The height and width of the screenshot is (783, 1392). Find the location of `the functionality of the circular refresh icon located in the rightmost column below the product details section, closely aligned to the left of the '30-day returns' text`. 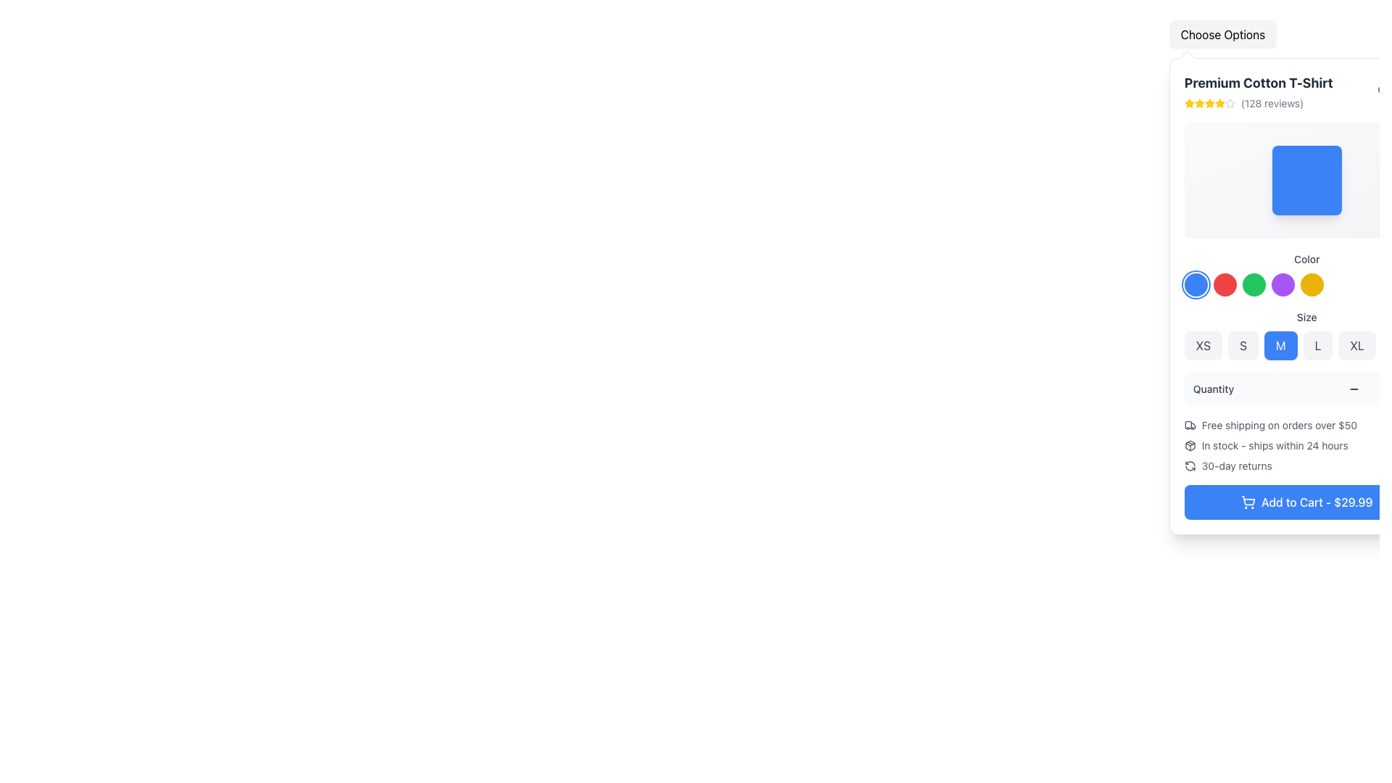

the functionality of the circular refresh icon located in the rightmost column below the product details section, closely aligned to the left of the '30-day returns' text is located at coordinates (1190, 466).